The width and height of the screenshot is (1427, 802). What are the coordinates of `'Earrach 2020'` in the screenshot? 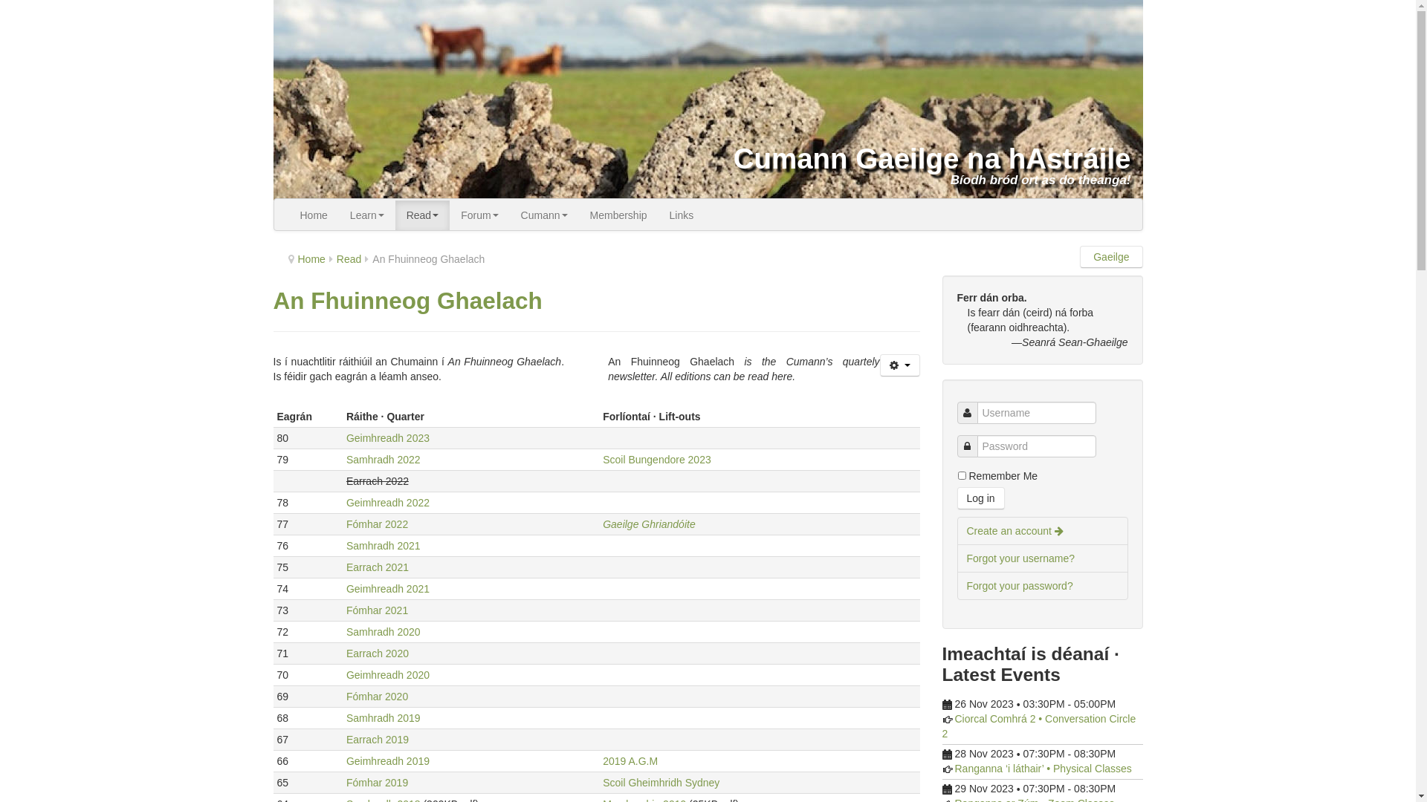 It's located at (345, 652).